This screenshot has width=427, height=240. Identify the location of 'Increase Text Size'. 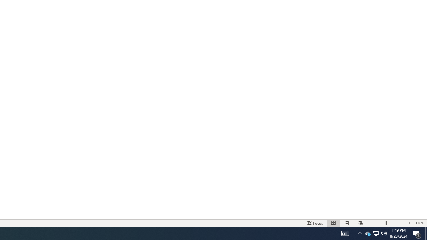
(409, 223).